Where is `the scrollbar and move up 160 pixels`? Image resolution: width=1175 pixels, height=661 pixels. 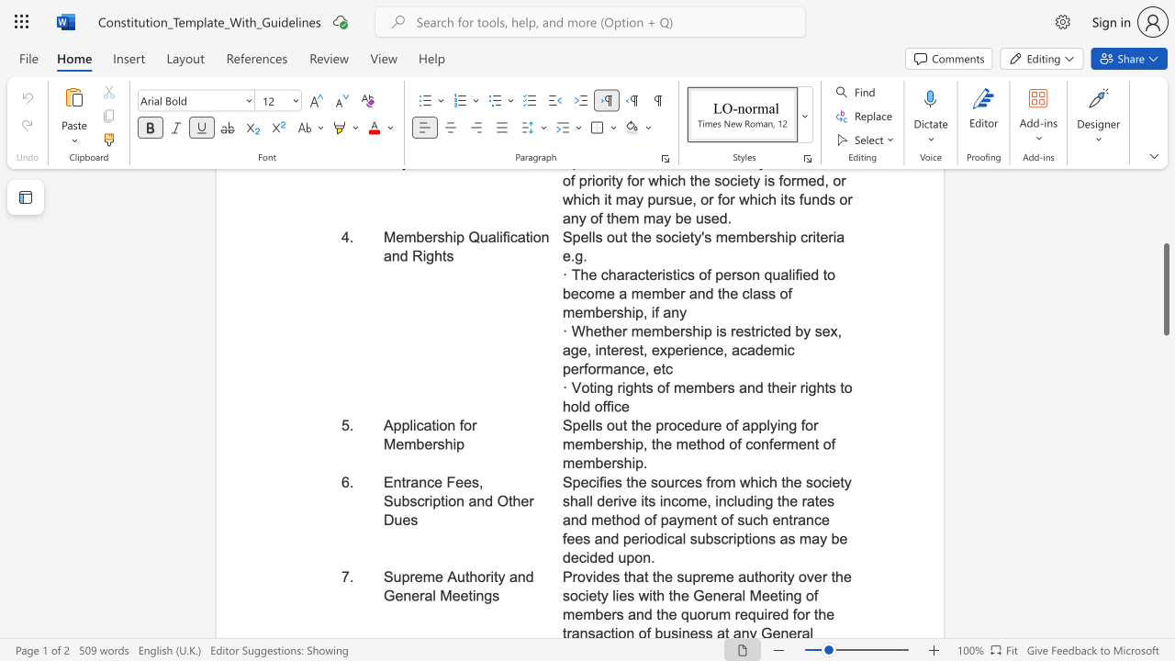
the scrollbar and move up 160 pixels is located at coordinates (1165, 289).